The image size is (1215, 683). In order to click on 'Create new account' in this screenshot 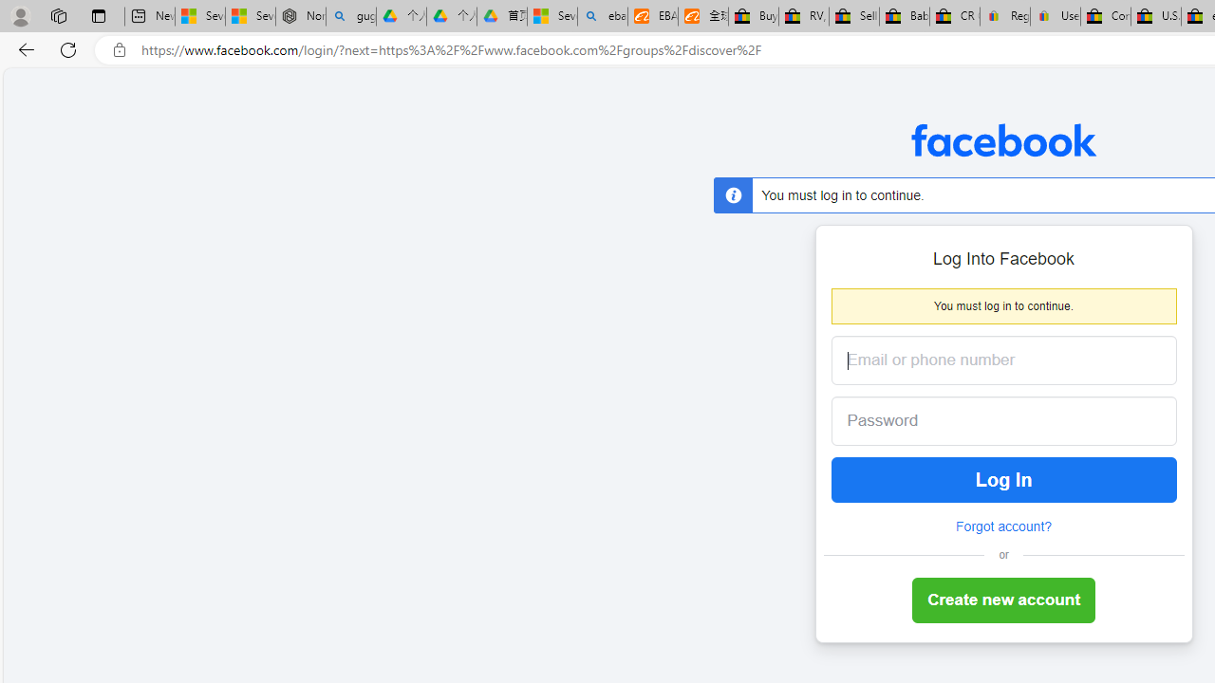, I will do `click(1002, 600)`.